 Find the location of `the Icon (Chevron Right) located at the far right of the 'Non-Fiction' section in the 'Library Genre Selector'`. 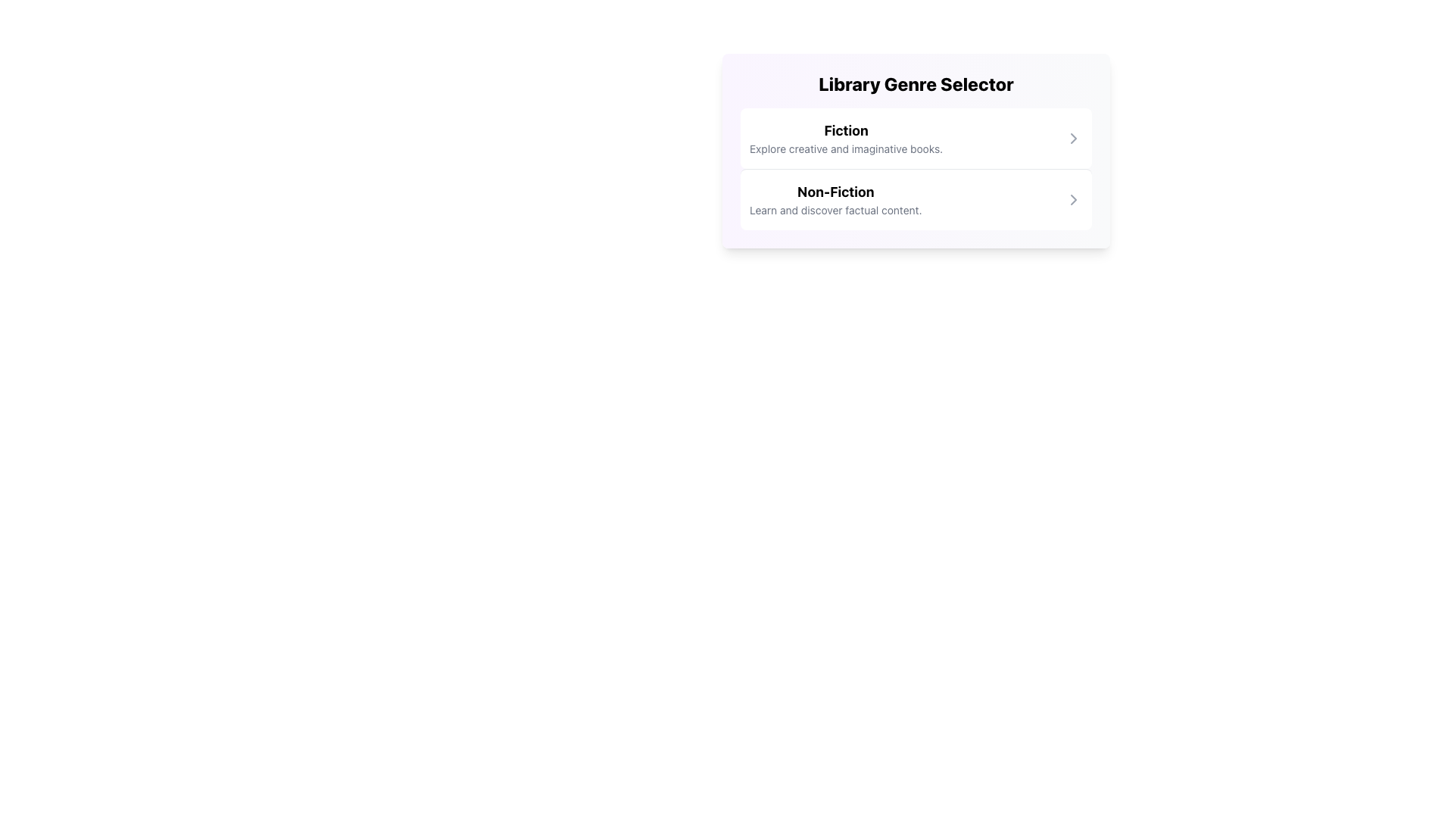

the Icon (Chevron Right) located at the far right of the 'Non-Fiction' section in the 'Library Genre Selector' is located at coordinates (1072, 198).